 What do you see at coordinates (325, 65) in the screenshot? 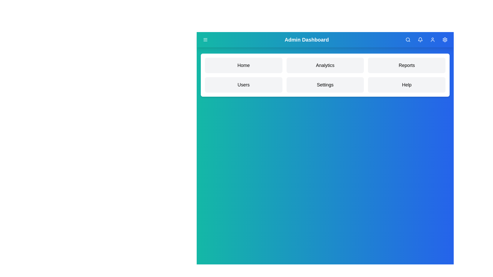
I see `the menu item Analytics to navigate to its section` at bounding box center [325, 65].